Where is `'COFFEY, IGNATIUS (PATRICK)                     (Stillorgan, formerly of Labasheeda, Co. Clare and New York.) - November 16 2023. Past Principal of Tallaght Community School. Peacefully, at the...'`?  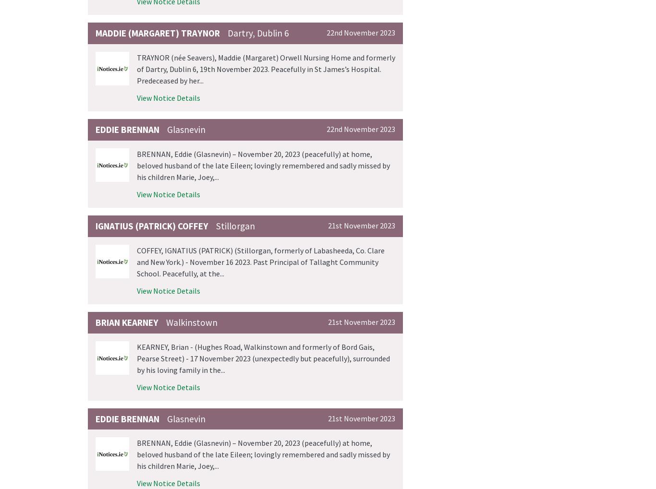 'COFFEY, IGNATIUS (PATRICK)                     (Stillorgan, formerly of Labasheeda, Co. Clare and New York.) - November 16 2023. Past Principal of Tallaght Community School. Peacefully, at the...' is located at coordinates (260, 261).